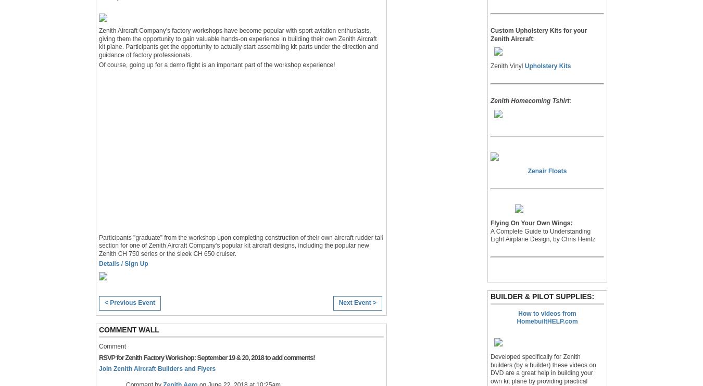 The height and width of the screenshot is (386, 703). I want to click on 'Zenair Floats', so click(528, 170).